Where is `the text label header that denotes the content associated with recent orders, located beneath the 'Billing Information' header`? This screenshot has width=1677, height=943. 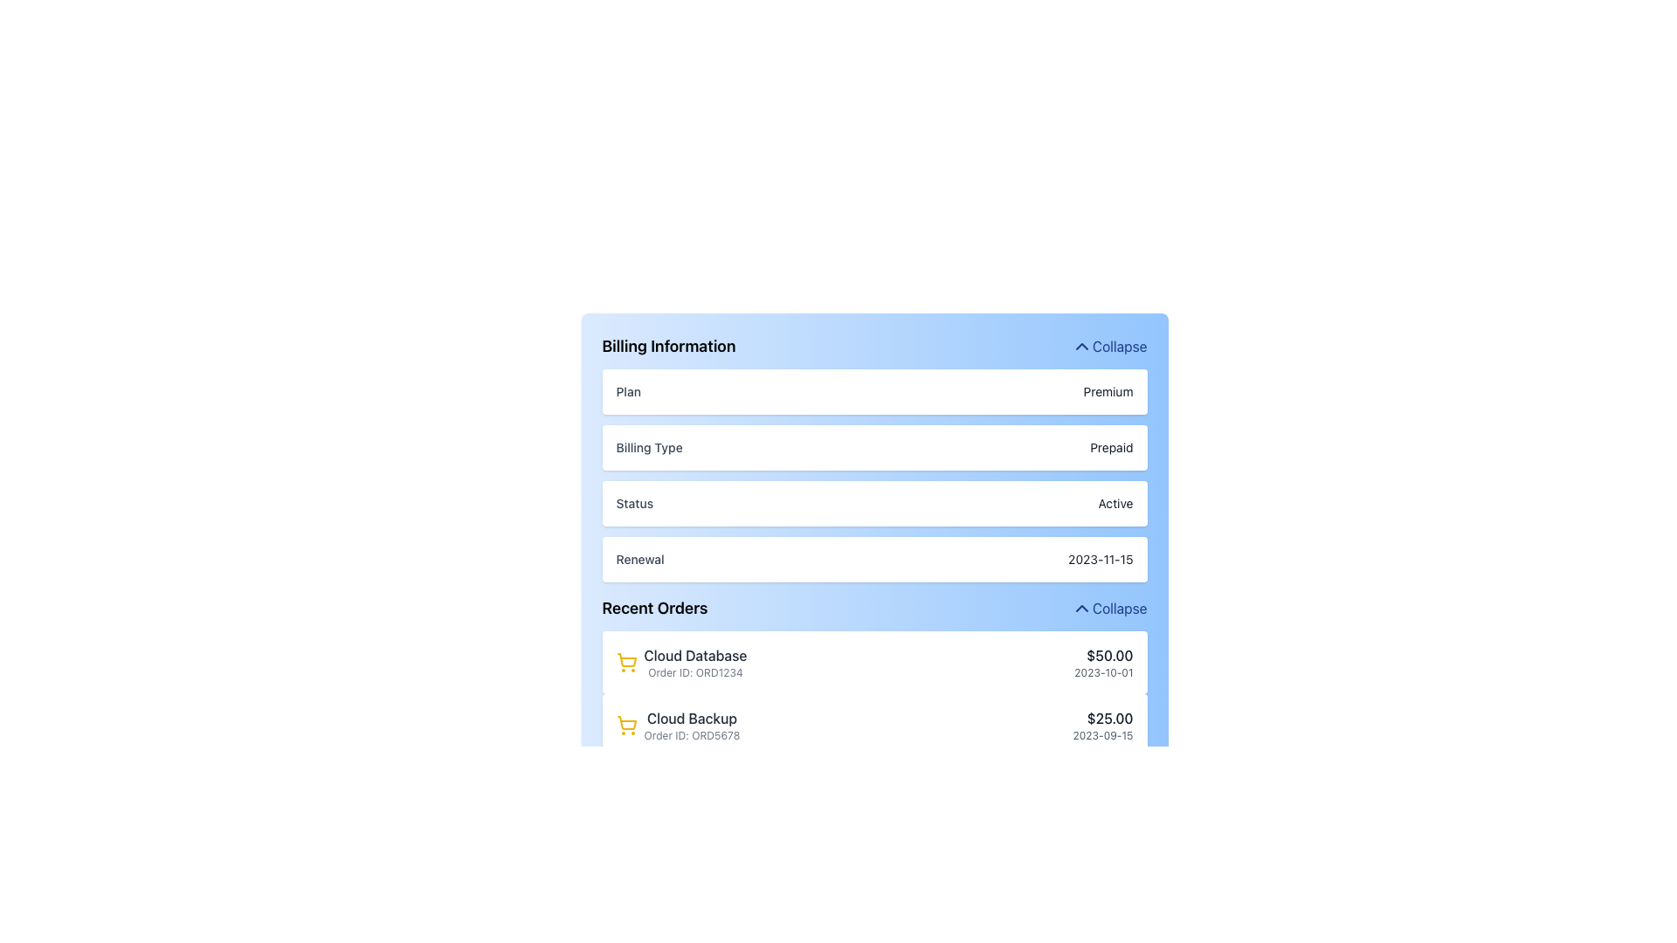 the text label header that denotes the content associated with recent orders, located beneath the 'Billing Information' header is located at coordinates (653, 608).